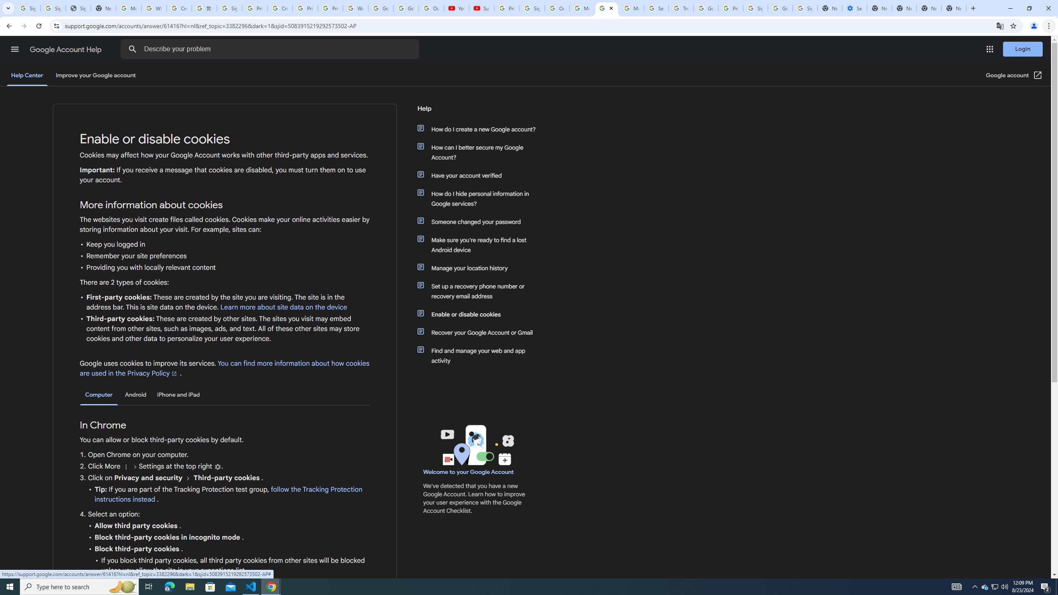 The image size is (1058, 595). What do you see at coordinates (14, 49) in the screenshot?
I see `'Main menu'` at bounding box center [14, 49].